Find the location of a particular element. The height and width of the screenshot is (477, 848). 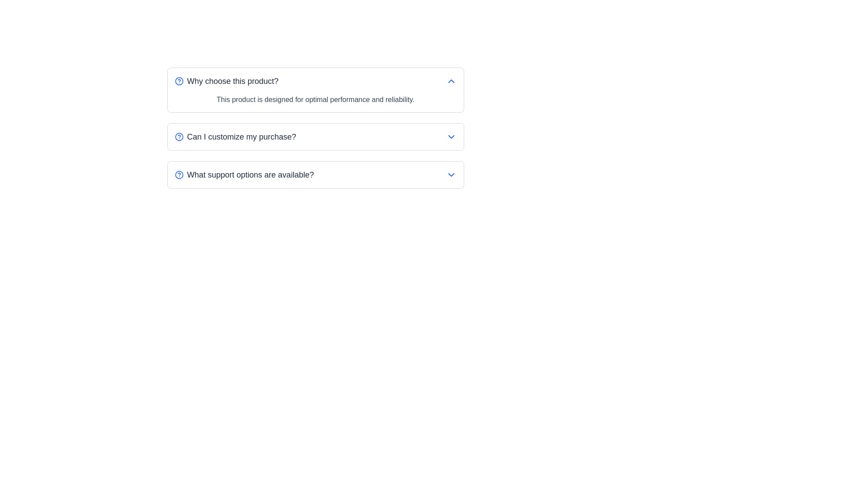

the third collapsible FAQ item containing the question 'What support options are available?' for keyboard navigation is located at coordinates (315, 175).